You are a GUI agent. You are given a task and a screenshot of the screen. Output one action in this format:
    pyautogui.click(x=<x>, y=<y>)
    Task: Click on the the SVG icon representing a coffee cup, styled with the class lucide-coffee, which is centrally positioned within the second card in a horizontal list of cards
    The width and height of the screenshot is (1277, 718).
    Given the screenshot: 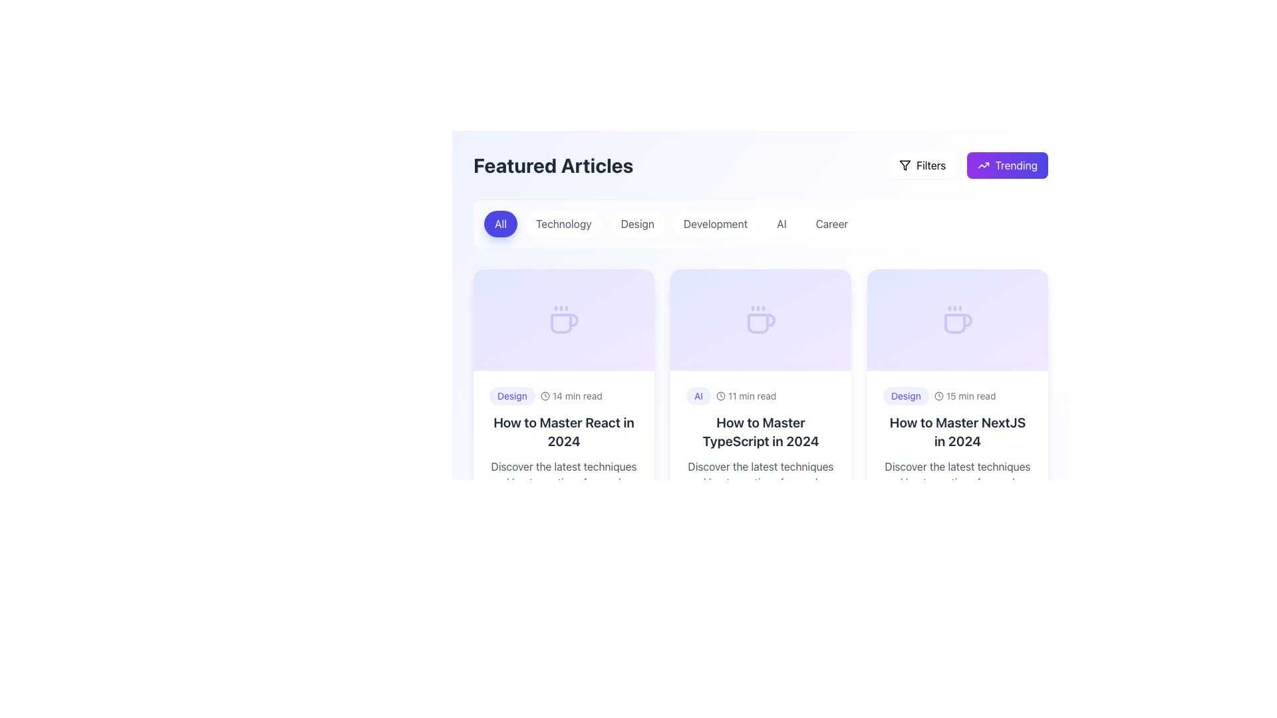 What is the action you would take?
    pyautogui.click(x=760, y=320)
    